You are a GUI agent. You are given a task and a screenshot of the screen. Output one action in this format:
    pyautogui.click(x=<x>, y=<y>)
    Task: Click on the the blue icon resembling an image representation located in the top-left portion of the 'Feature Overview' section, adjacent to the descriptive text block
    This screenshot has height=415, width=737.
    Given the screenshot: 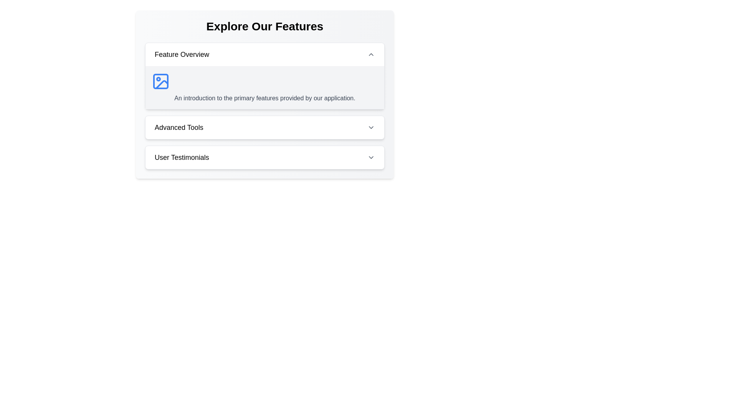 What is the action you would take?
    pyautogui.click(x=160, y=81)
    